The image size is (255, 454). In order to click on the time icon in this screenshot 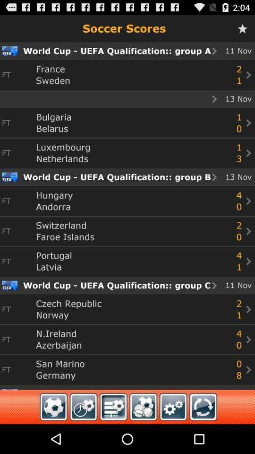, I will do `click(84, 436)`.